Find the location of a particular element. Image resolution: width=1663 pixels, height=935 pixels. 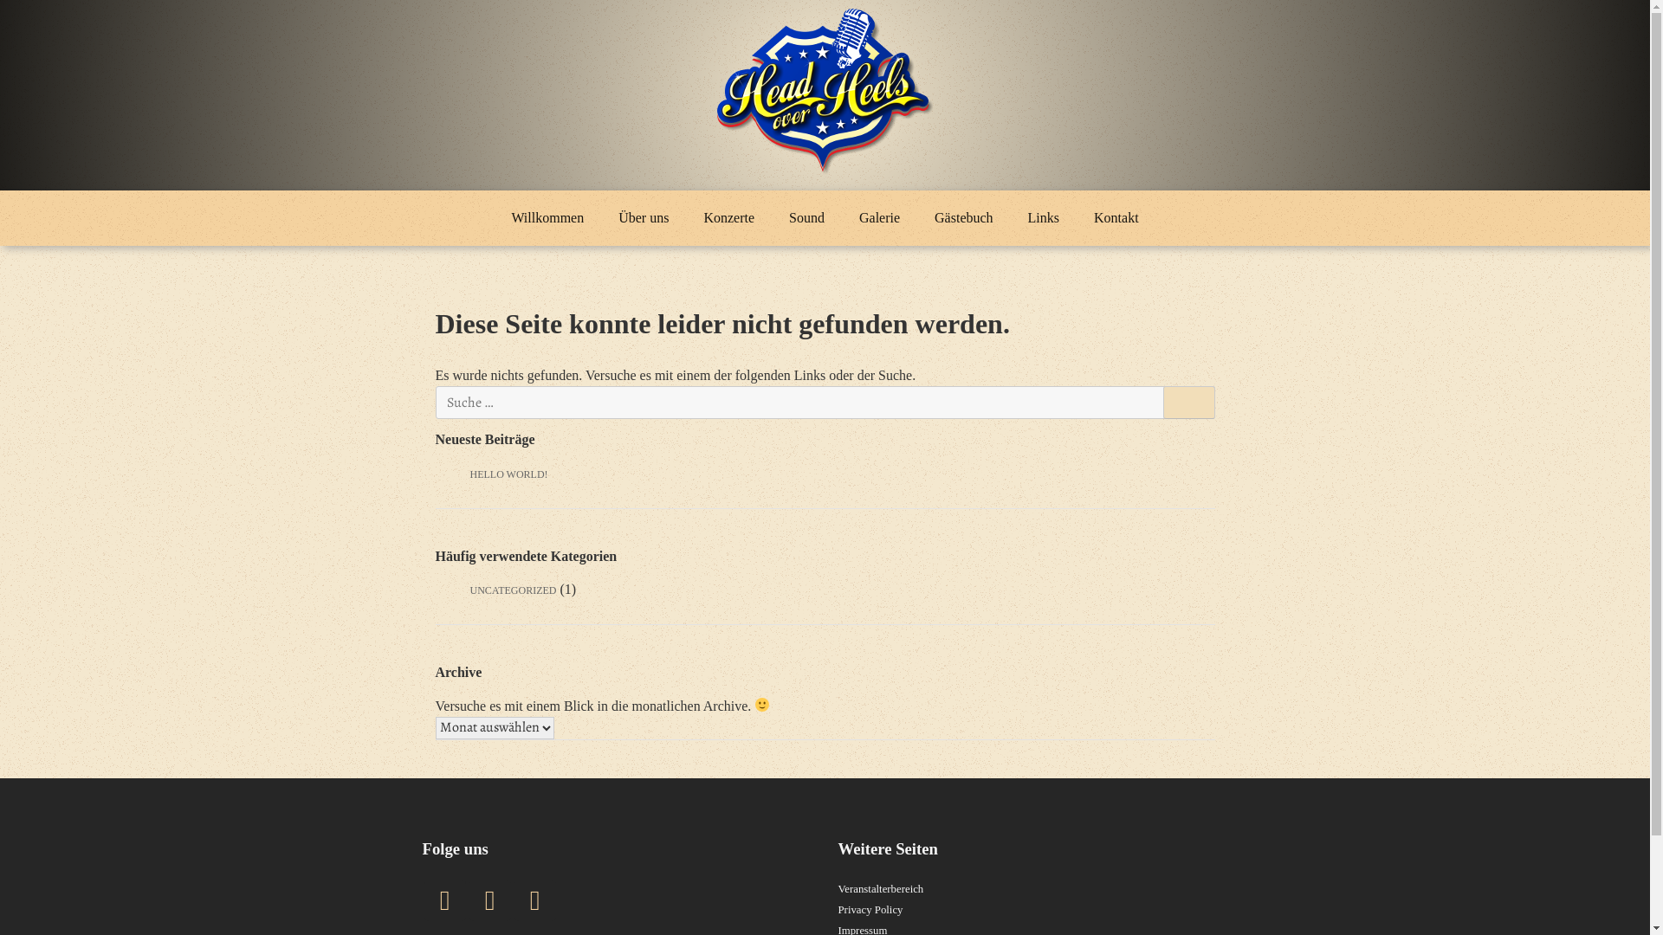

'Kontakt' is located at coordinates (1116, 216).